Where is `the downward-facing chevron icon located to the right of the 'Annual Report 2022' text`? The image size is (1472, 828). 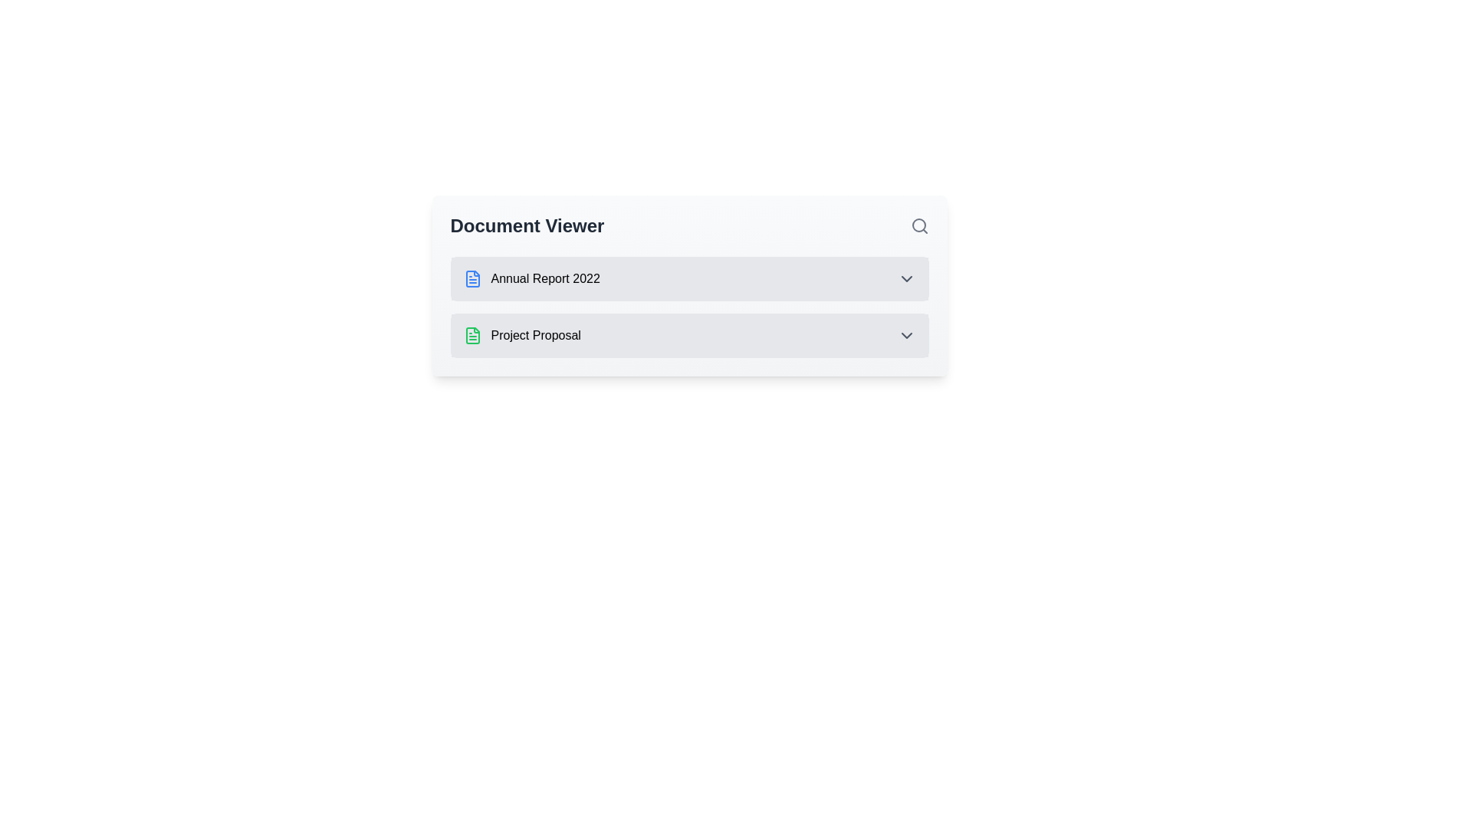 the downward-facing chevron icon located to the right of the 'Annual Report 2022' text is located at coordinates (906, 278).